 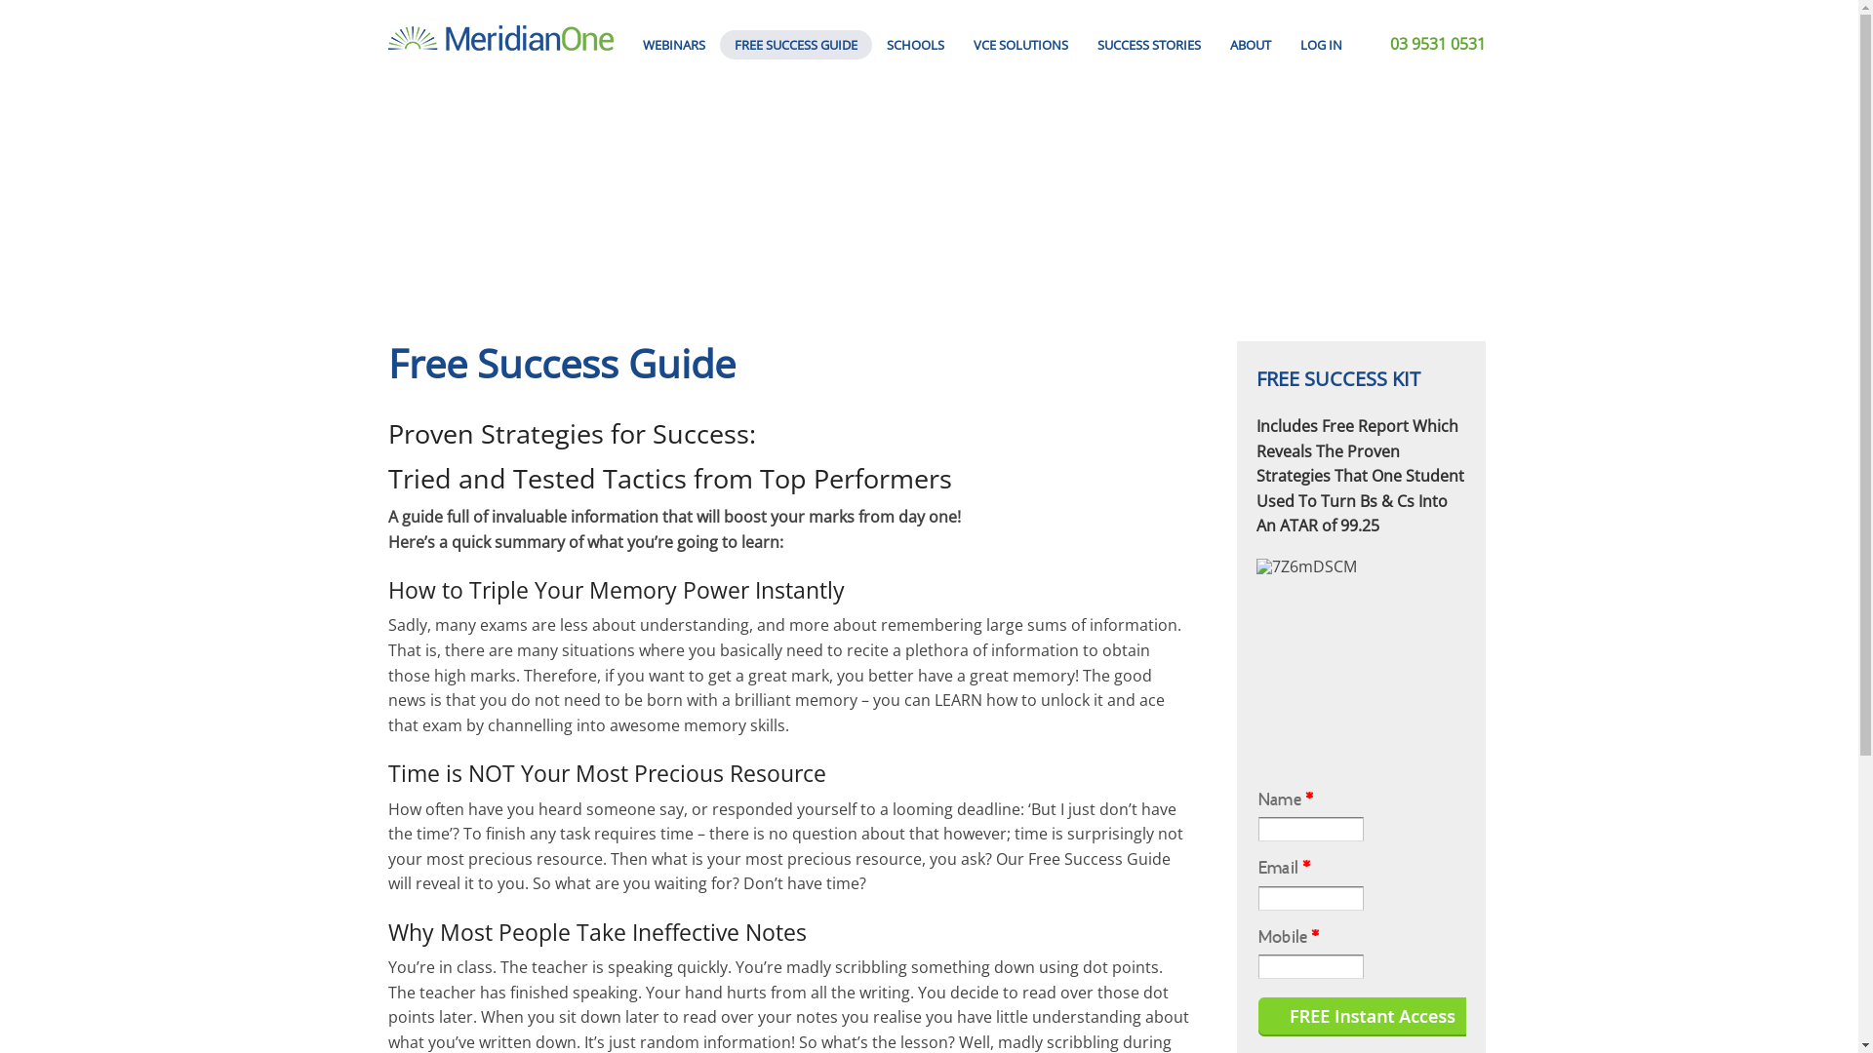 I want to click on 'SUCCESS STORIES', so click(x=1148, y=44).